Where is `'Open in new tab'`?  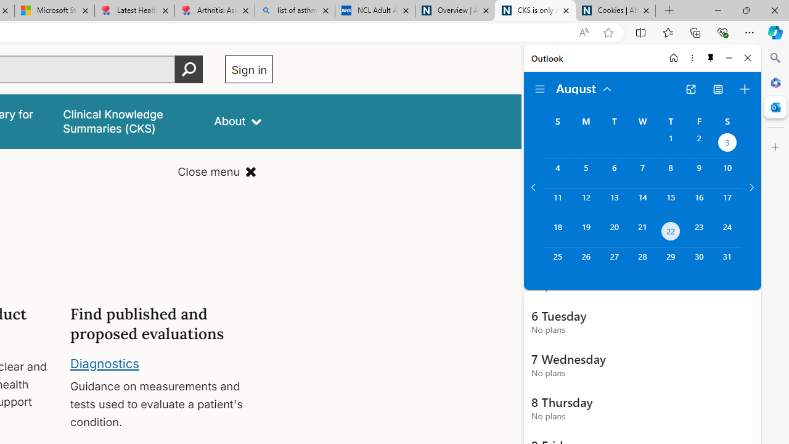 'Open in new tab' is located at coordinates (690, 89).